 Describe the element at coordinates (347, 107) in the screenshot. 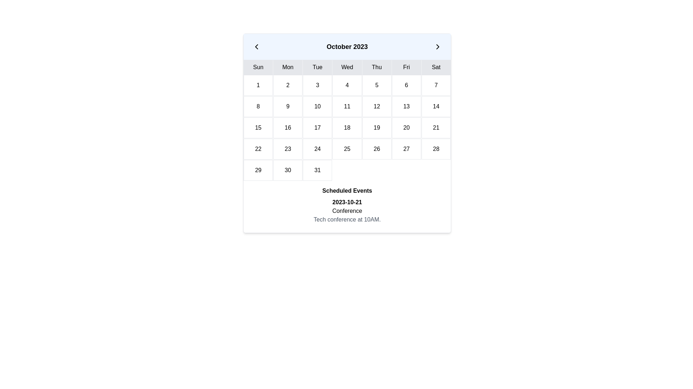

I see `the individual date cell representing the 11th day of October 2023 in the calendar interface` at that location.